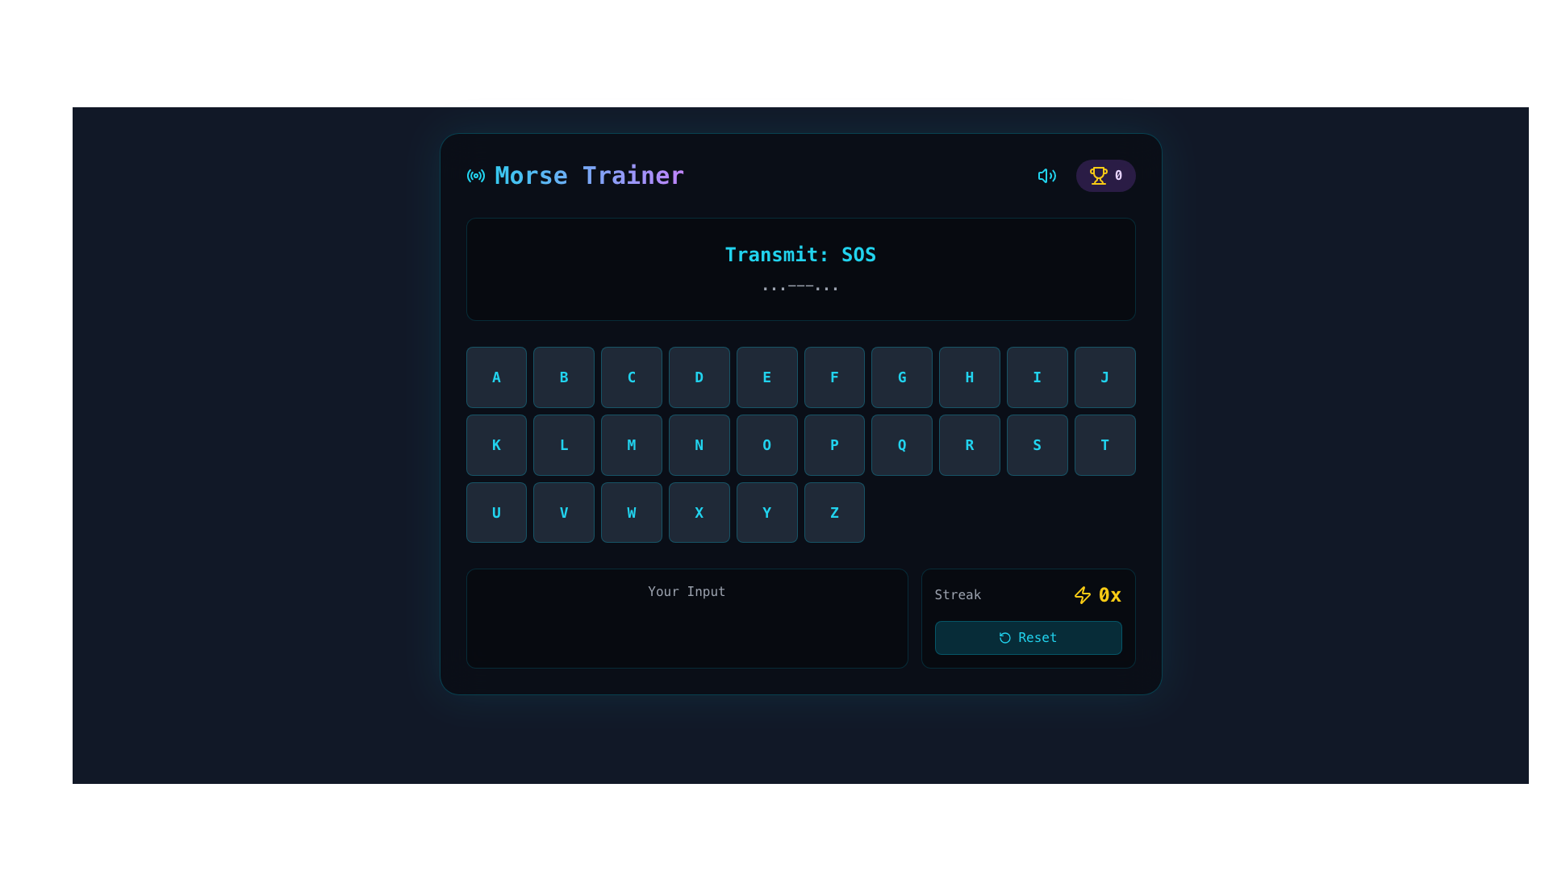 The height and width of the screenshot is (871, 1549). Describe the element at coordinates (1097, 173) in the screenshot. I see `the trophy icon in the top right area of the interface that represents the rewards or achievements system` at that location.